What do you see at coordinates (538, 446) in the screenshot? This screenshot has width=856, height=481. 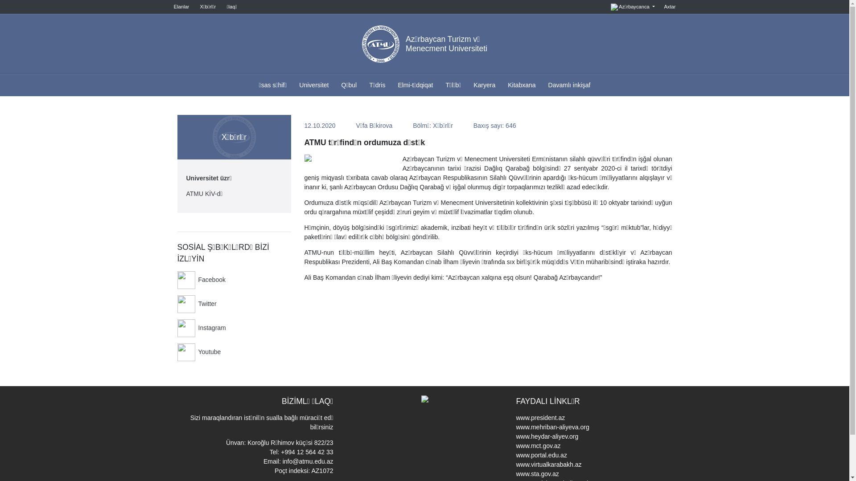 I see `'www.mct.gov.az'` at bounding box center [538, 446].